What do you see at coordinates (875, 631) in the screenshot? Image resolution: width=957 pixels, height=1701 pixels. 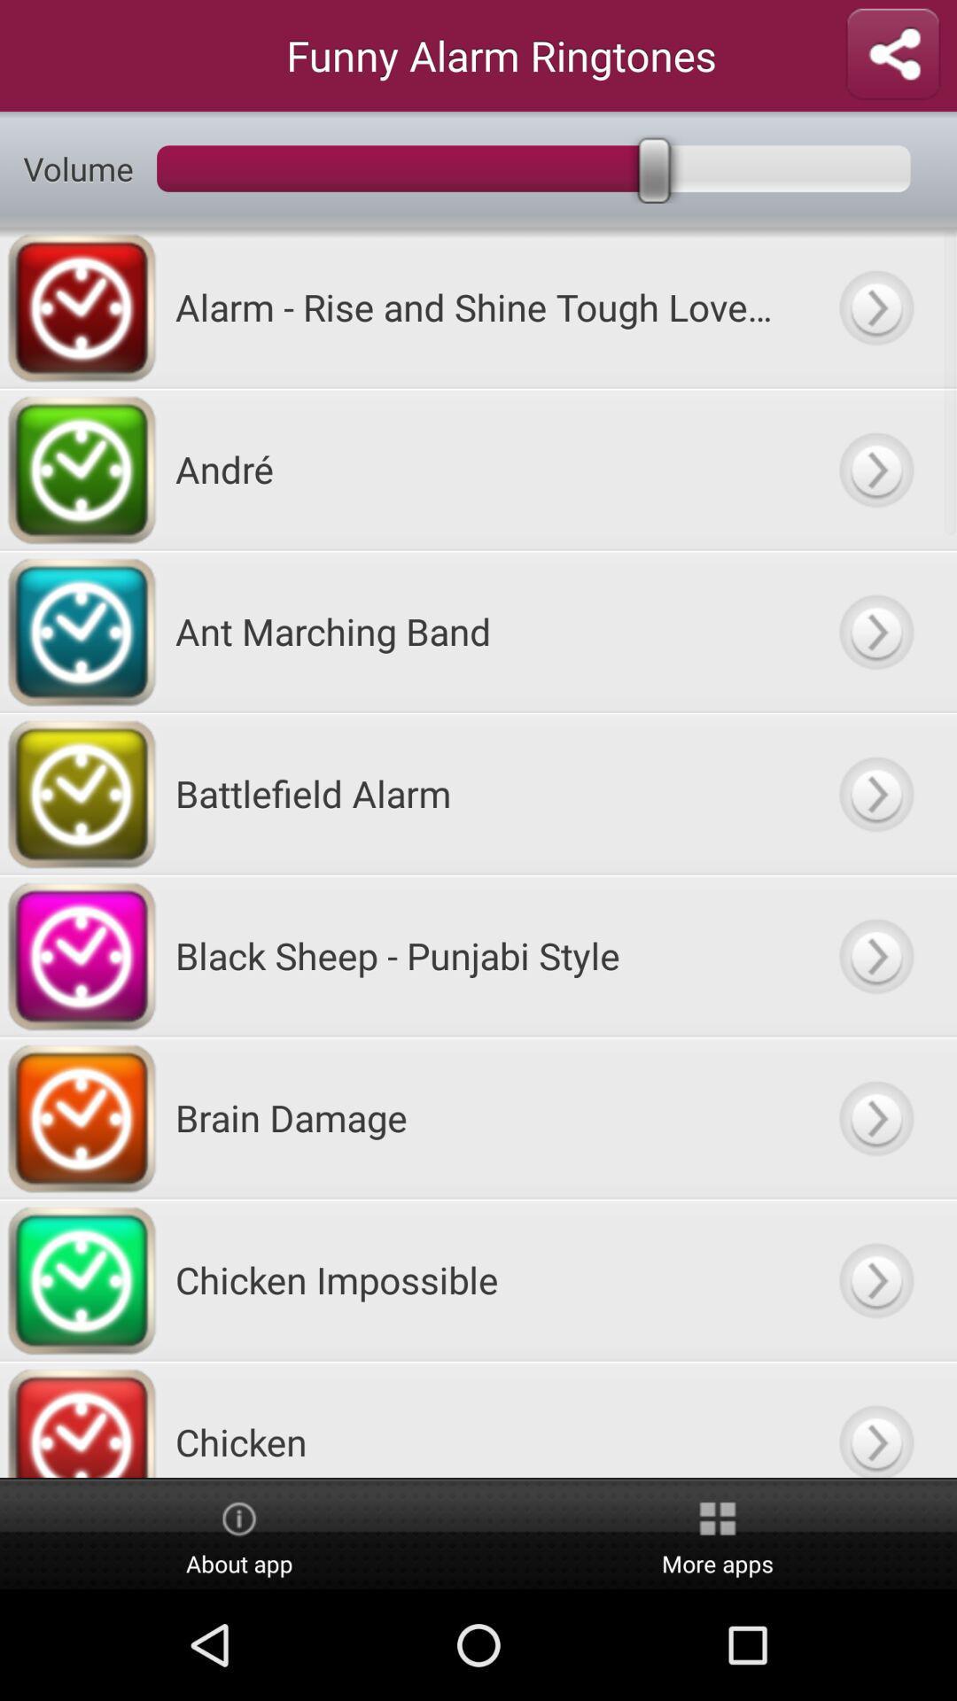 I see `the play option` at bounding box center [875, 631].